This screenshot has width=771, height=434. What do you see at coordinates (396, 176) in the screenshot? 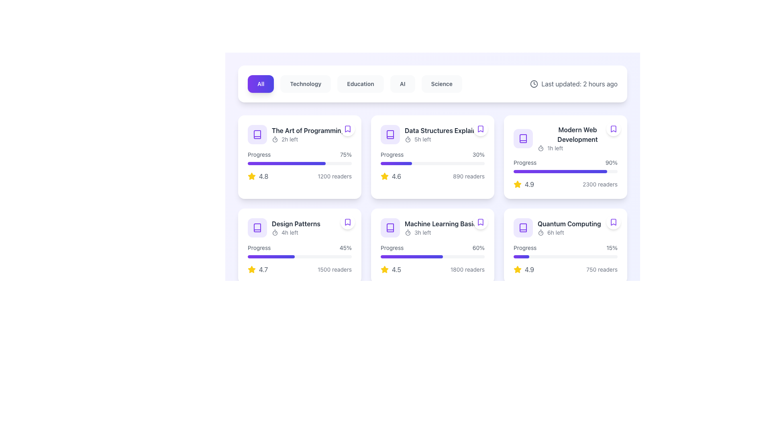
I see `the text label displaying the value '4.6', which is styled in gray and located to the right of a yellow star icon within the second card of the top row in a grid layout` at bounding box center [396, 176].